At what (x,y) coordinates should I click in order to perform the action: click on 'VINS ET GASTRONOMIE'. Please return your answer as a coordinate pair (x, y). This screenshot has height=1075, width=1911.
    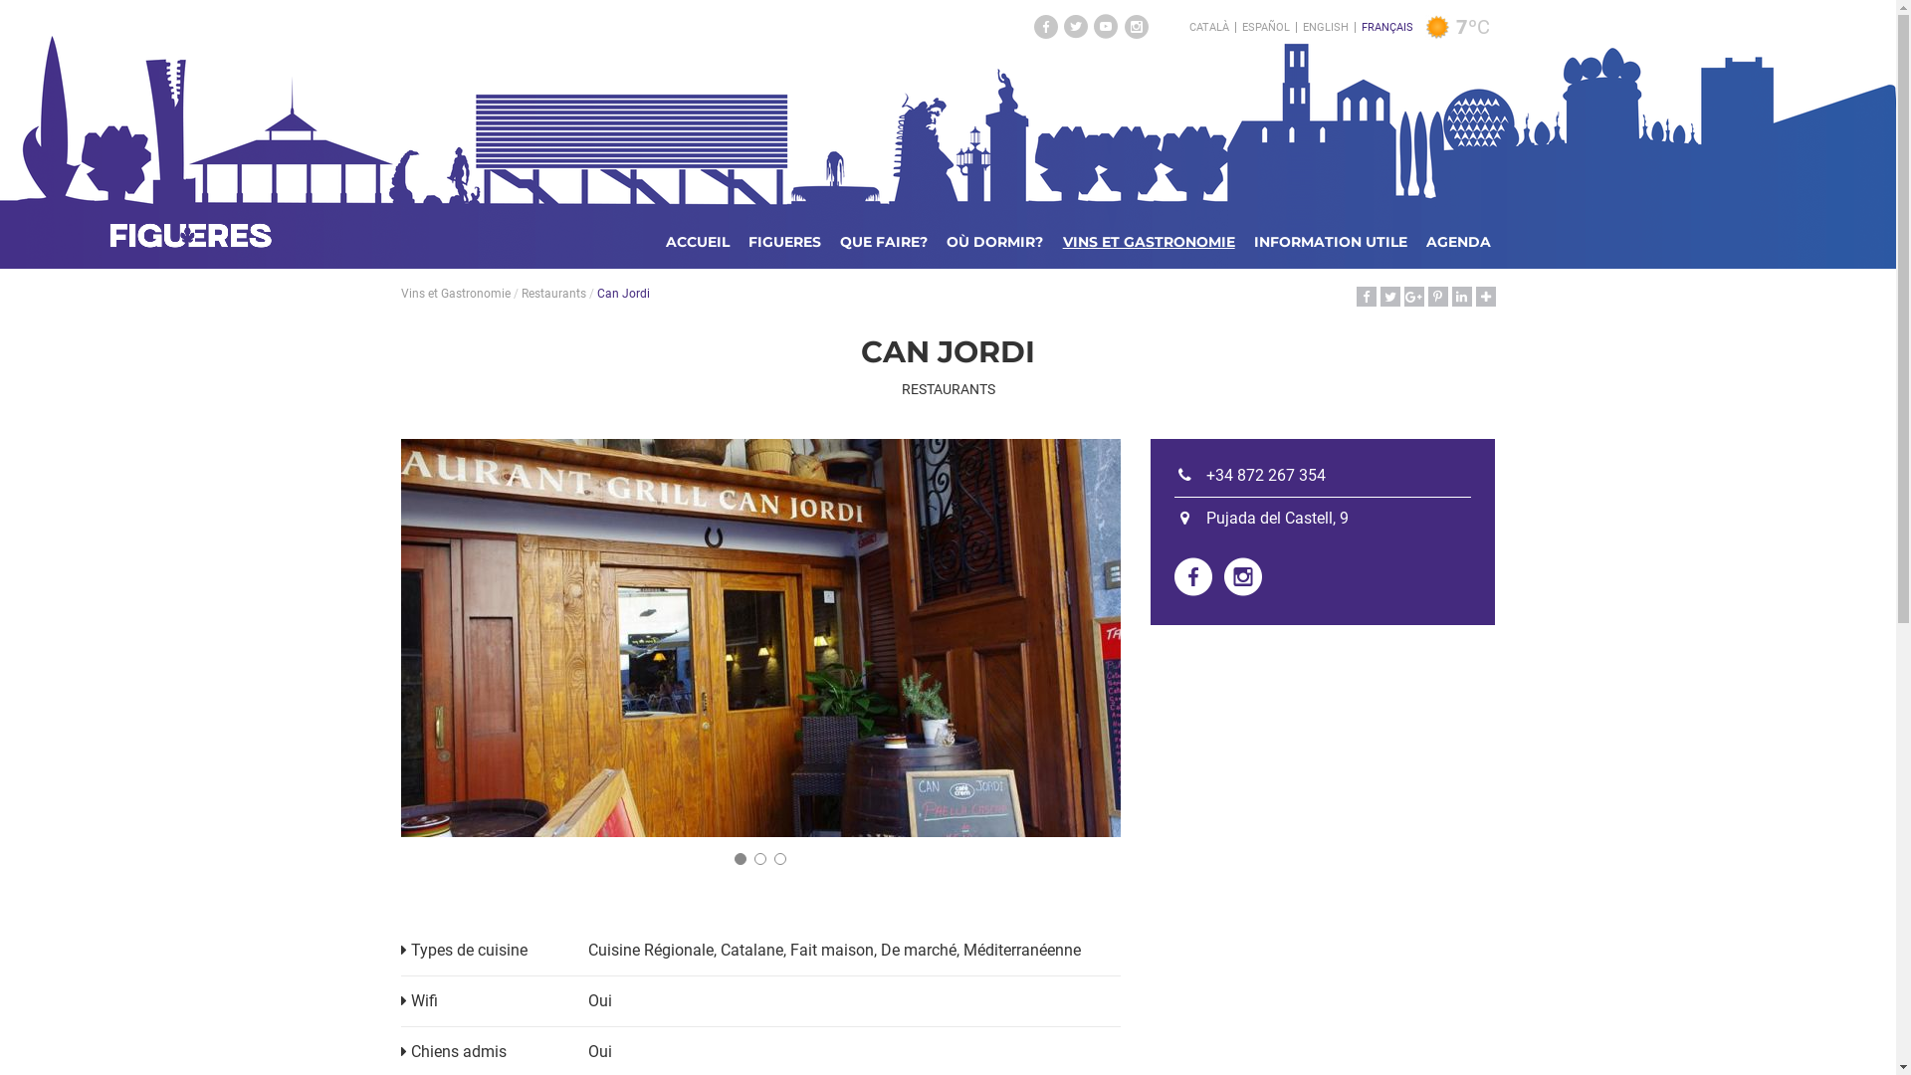
    Looking at the image, I should click on (1149, 241).